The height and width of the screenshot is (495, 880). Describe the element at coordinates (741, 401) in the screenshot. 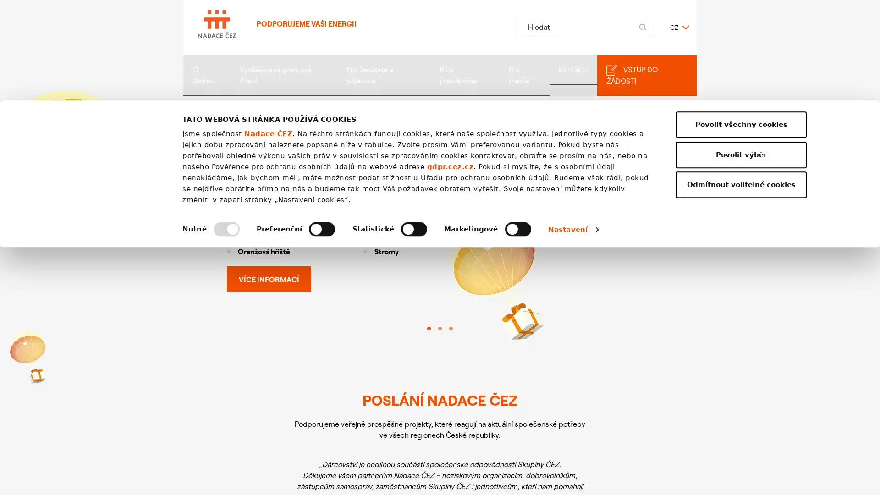

I see `Povolit vyber` at that location.